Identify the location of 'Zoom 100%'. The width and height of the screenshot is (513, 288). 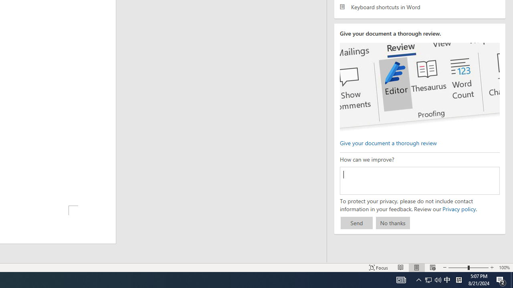
(504, 268).